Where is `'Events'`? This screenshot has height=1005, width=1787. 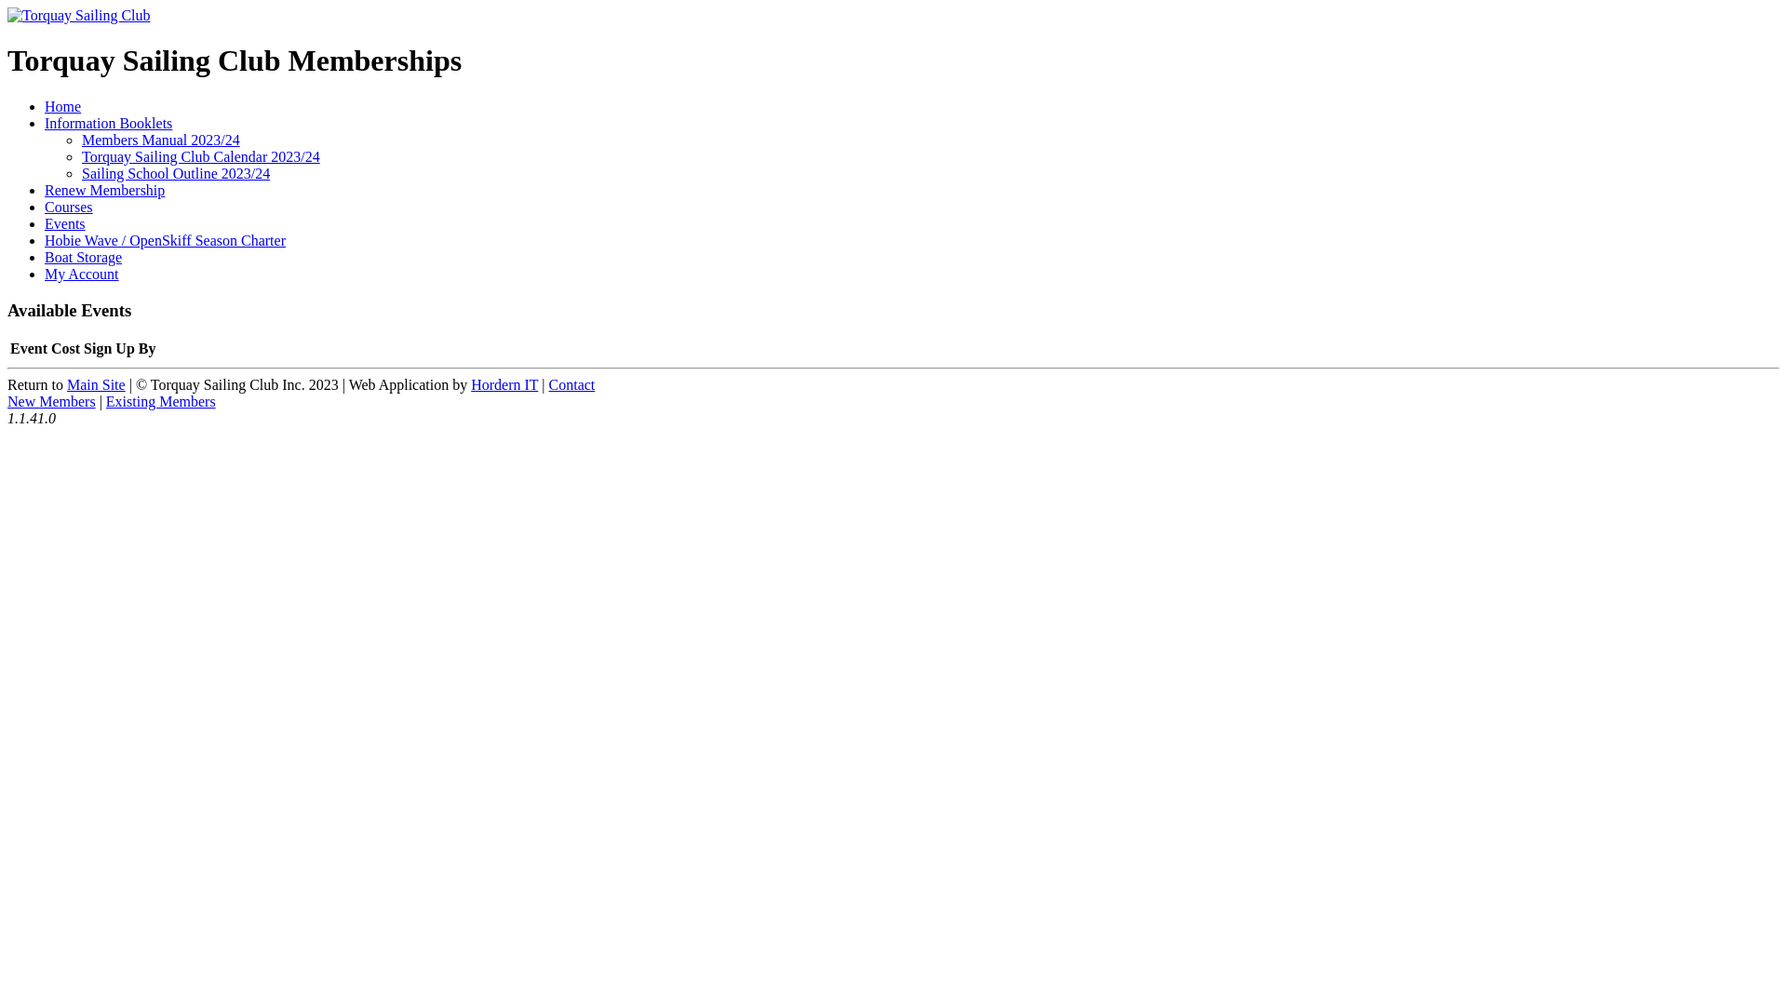 'Events' is located at coordinates (45, 222).